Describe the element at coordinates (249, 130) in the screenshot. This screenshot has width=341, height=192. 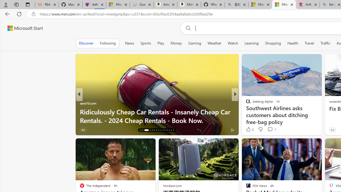
I see `'16 Like'` at that location.